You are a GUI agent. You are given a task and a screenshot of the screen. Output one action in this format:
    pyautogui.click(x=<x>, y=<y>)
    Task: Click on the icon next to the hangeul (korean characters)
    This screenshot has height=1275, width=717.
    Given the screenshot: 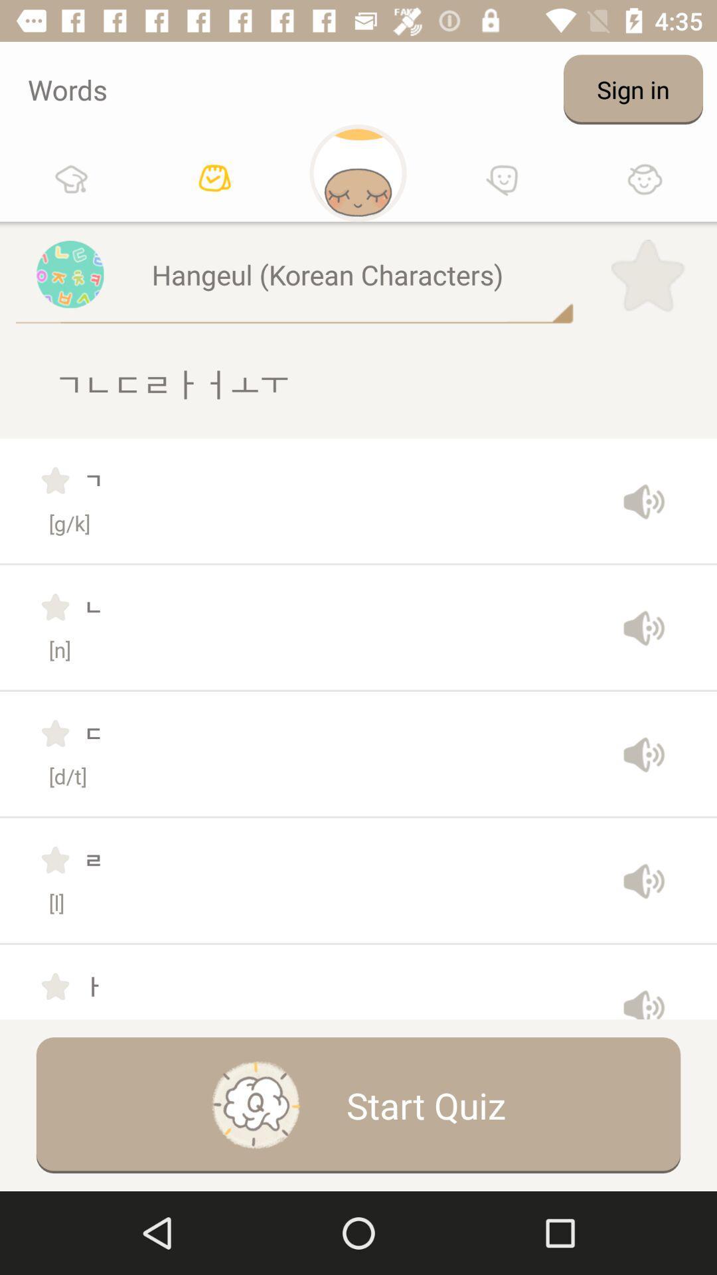 What is the action you would take?
    pyautogui.click(x=647, y=275)
    